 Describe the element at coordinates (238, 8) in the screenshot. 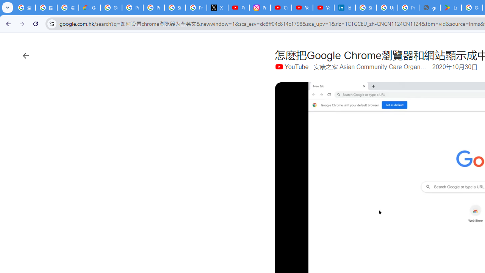

I see `'#nbabasketballhighlights - YouTube'` at that location.